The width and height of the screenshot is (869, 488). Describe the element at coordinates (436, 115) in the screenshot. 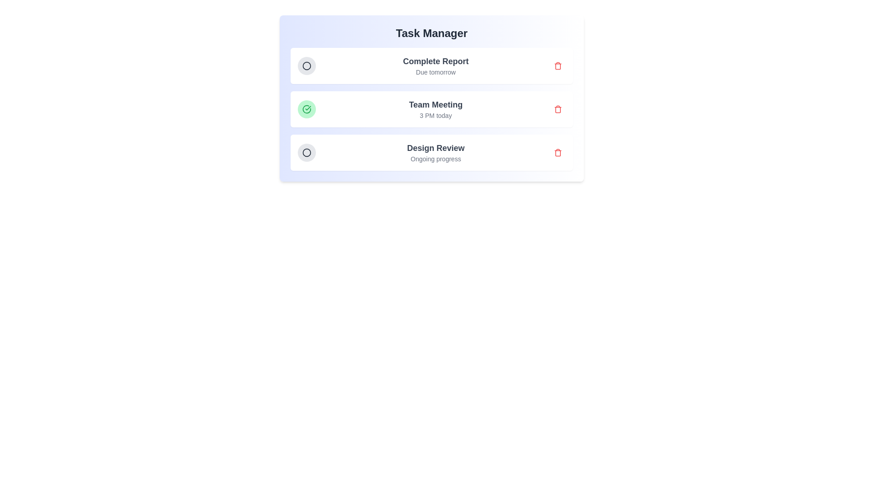

I see `the text label '3 PM today' located in the second task item of the task management list, which is styled in a small gray font and positioned below the 'Team Meeting' heading` at that location.